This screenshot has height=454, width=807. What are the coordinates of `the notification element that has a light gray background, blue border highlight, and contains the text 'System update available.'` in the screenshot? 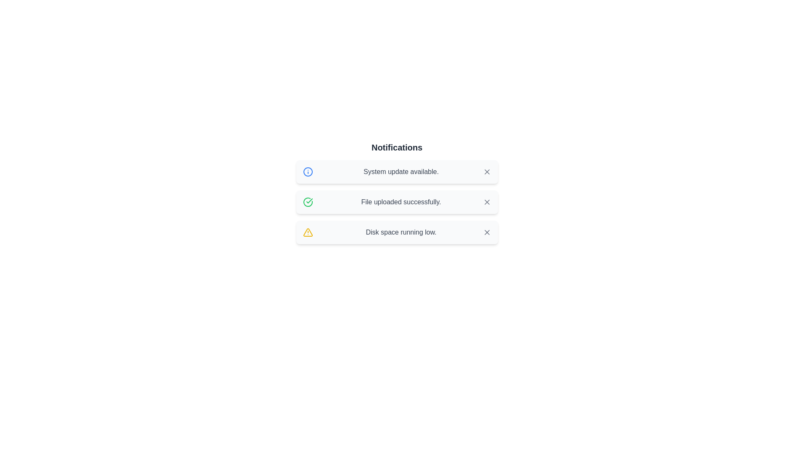 It's located at (396, 171).